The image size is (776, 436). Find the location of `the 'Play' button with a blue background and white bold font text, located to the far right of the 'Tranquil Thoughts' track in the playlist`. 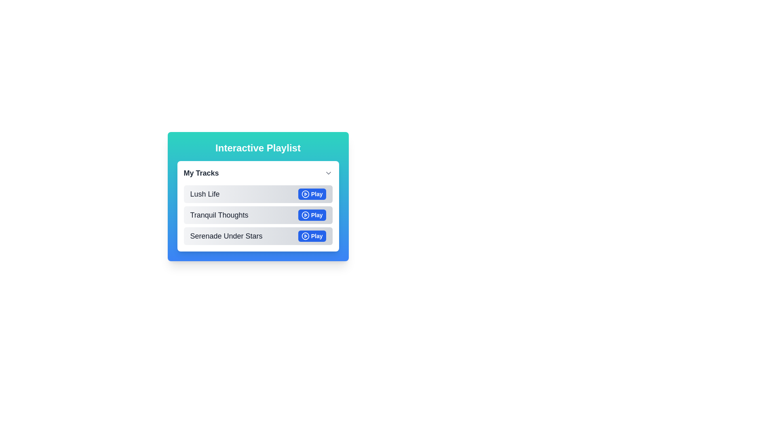

the 'Play' button with a blue background and white bold font text, located to the far right of the 'Tranquil Thoughts' track in the playlist is located at coordinates (312, 214).